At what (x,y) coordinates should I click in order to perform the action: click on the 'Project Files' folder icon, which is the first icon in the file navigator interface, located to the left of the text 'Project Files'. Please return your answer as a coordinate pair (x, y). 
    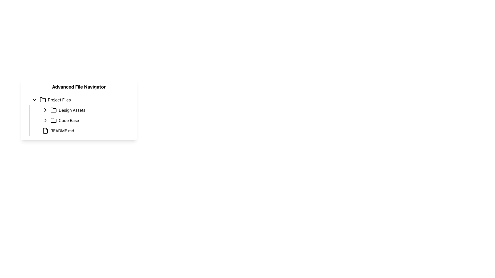
    Looking at the image, I should click on (43, 100).